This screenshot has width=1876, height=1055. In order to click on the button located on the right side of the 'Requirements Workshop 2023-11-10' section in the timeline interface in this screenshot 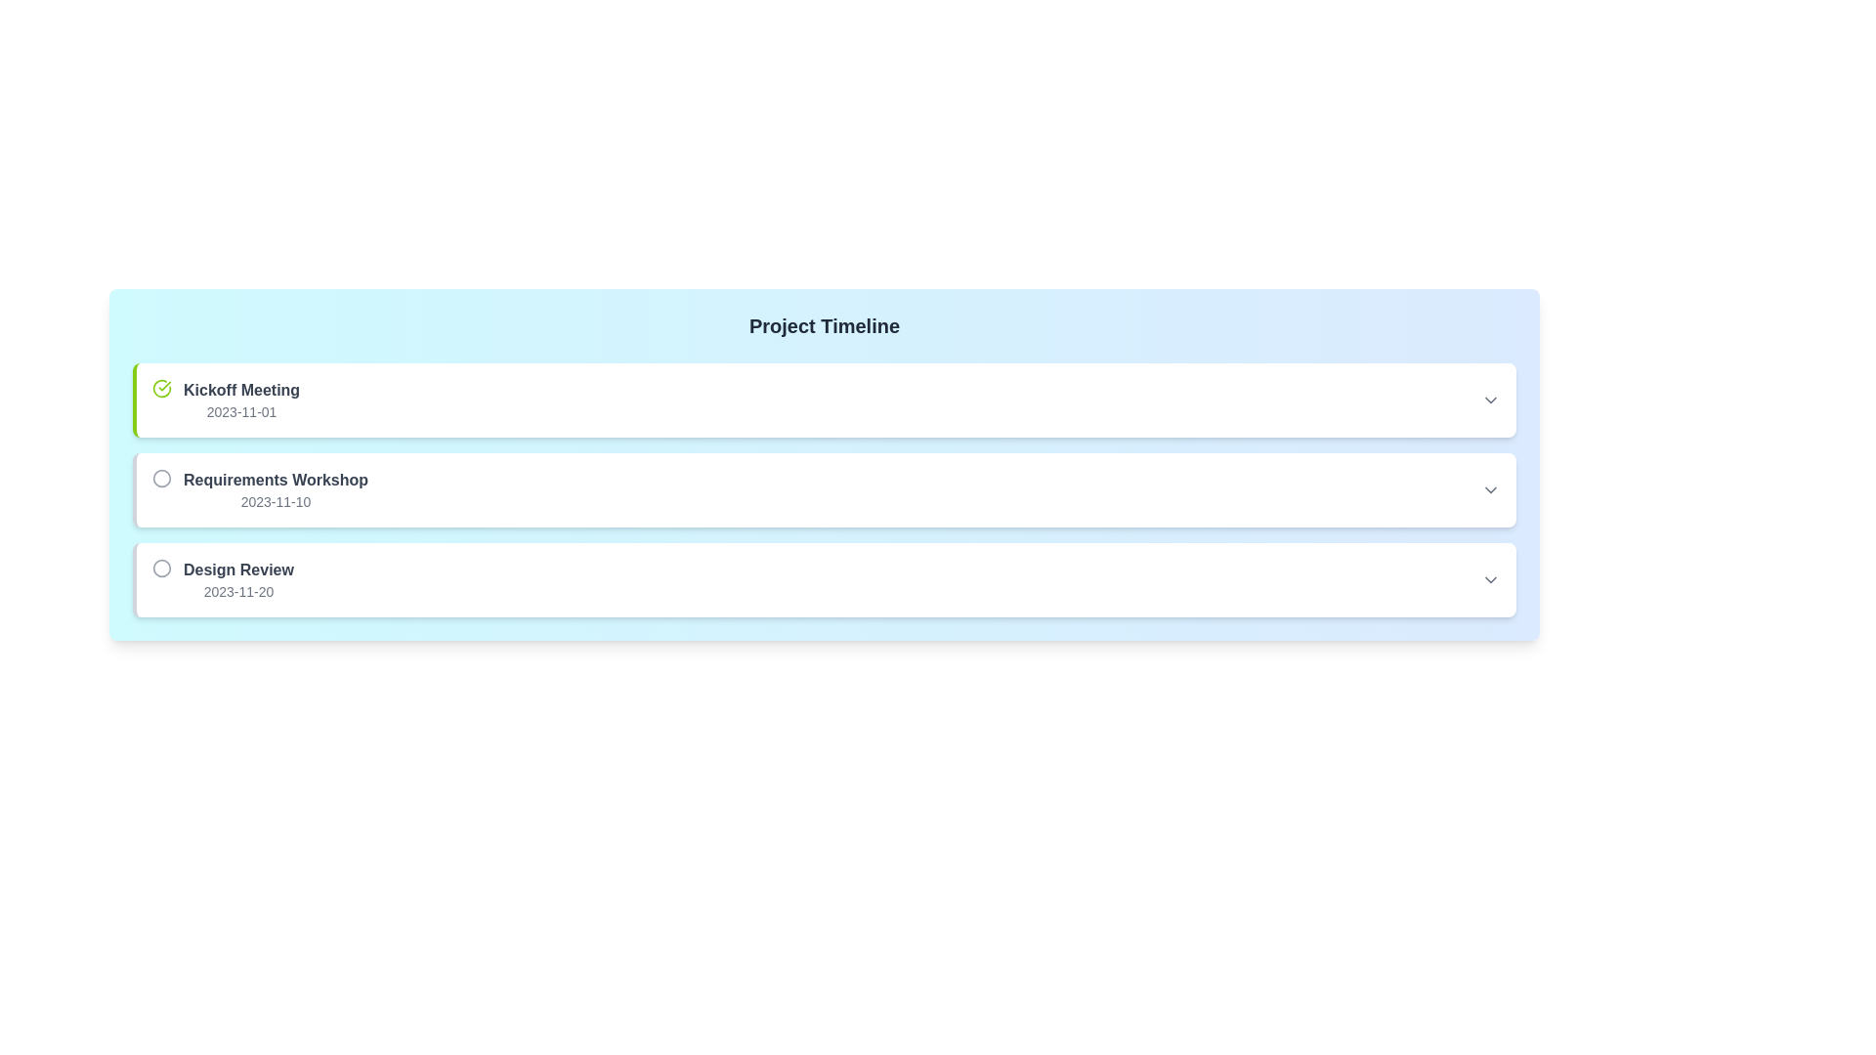, I will do `click(1490, 488)`.